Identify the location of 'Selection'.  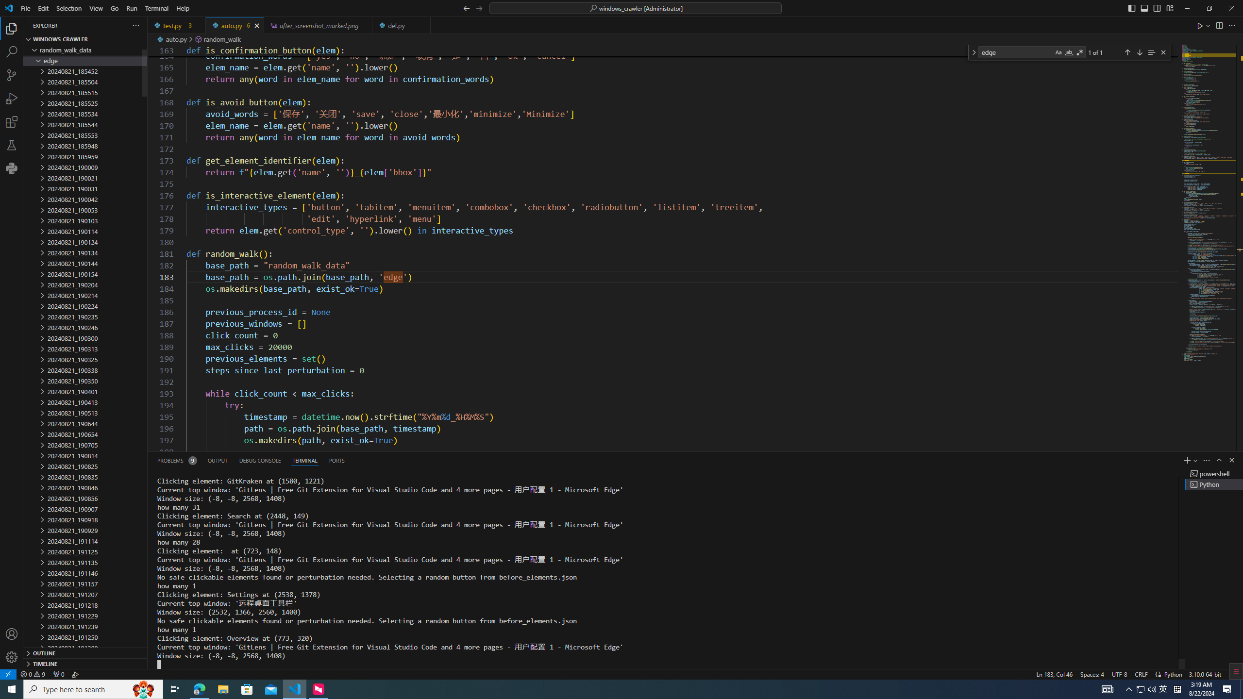
(69, 8).